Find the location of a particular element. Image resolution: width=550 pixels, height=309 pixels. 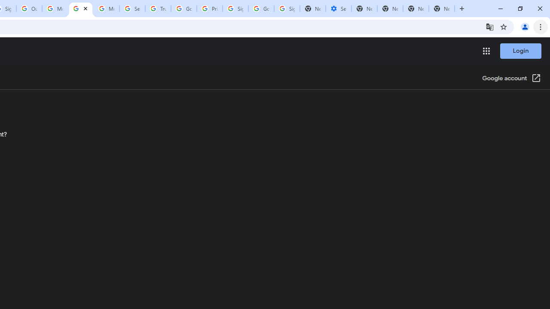

'Trusted Information and Content - Google Safety Center' is located at coordinates (158, 9).